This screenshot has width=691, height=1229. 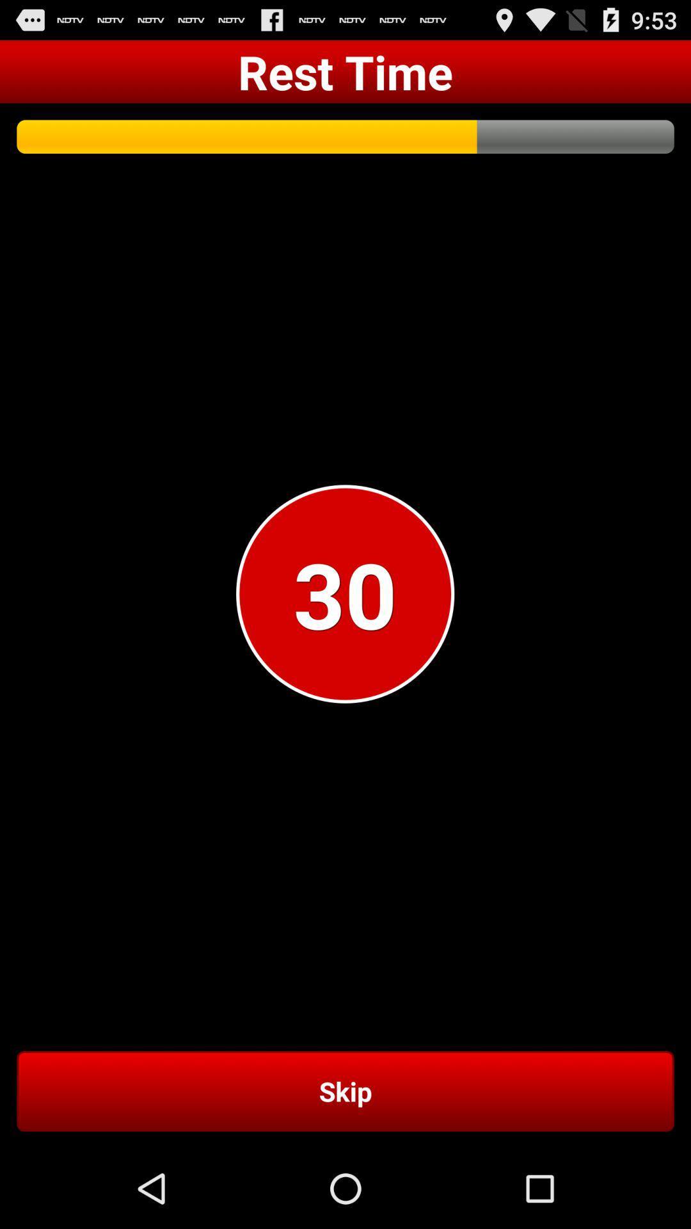 What do you see at coordinates (345, 1090) in the screenshot?
I see `the skip item` at bounding box center [345, 1090].